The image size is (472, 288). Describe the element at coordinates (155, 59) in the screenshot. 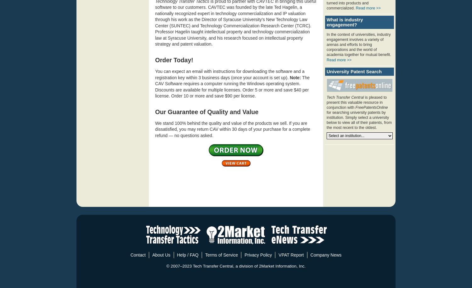

I see `'Order Today!'` at that location.